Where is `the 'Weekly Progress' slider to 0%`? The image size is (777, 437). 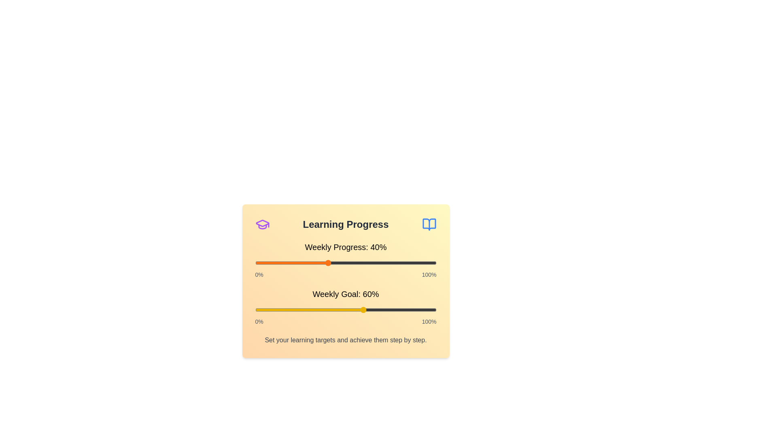
the 'Weekly Progress' slider to 0% is located at coordinates (255, 263).